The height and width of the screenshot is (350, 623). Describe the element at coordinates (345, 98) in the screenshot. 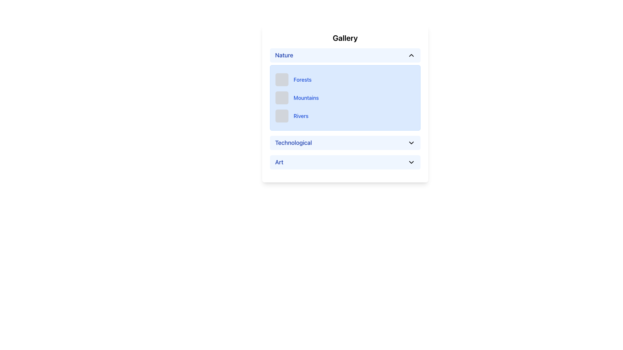

I see `the list of options or categories located centrally in the 'Nature' section, which is displayed on a light blue background` at that location.